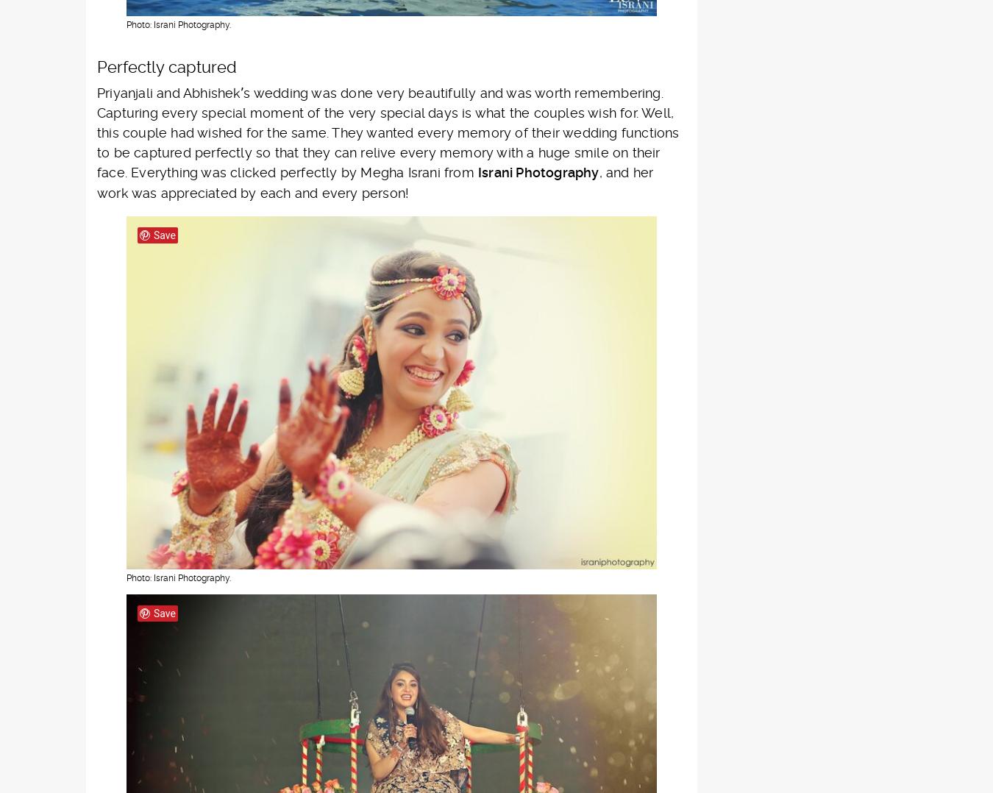  I want to click on 'Top wedding photography of Gujarat', so click(728, 229).